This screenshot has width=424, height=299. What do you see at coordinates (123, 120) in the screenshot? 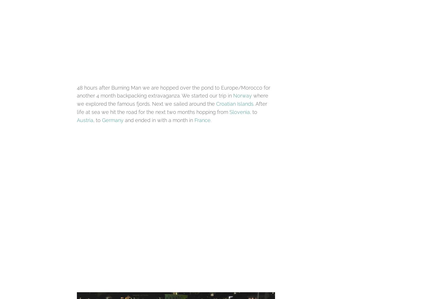
I see `'and ended in with a month in'` at bounding box center [123, 120].